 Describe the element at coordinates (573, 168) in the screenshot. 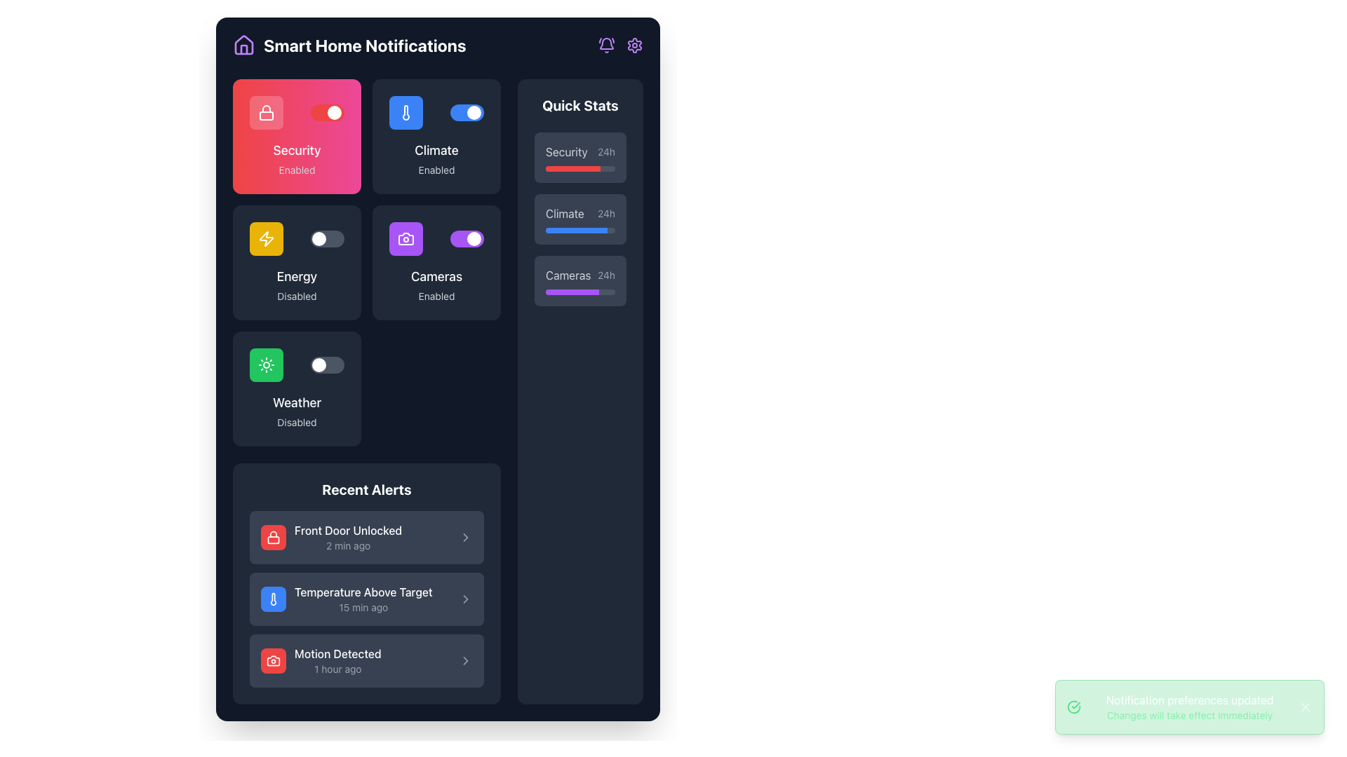

I see `the Progress bar located under 'Security' in the 'Quick Stats' section, which visually represents a proportion of security metrics` at that location.